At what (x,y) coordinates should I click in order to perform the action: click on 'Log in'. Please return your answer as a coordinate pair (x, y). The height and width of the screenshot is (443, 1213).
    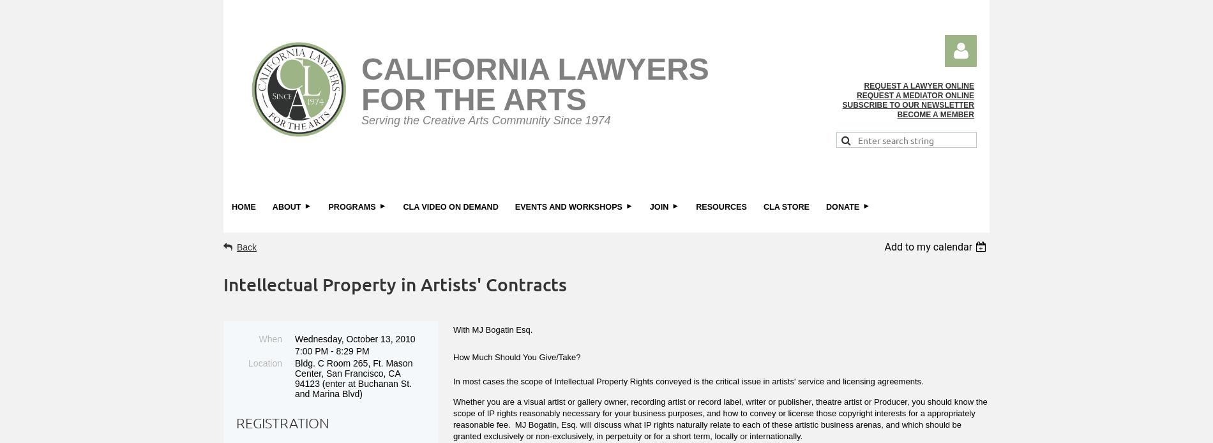
    Looking at the image, I should click on (944, 161).